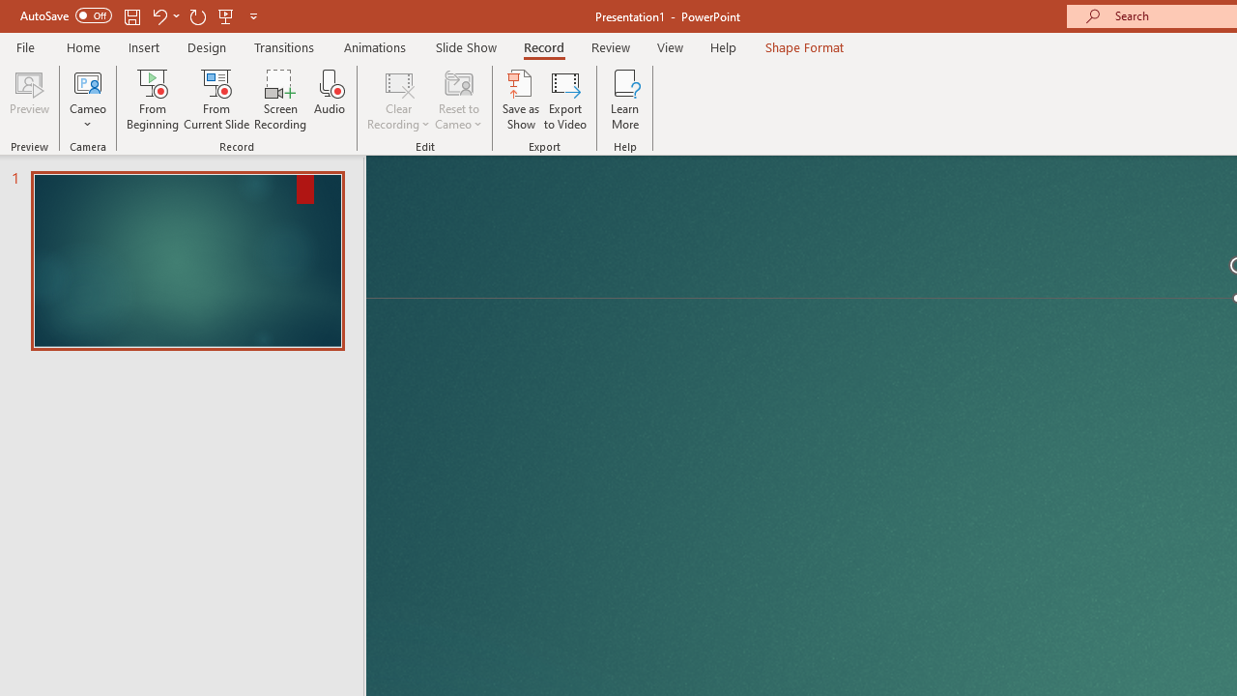  What do you see at coordinates (625, 100) in the screenshot?
I see `'Learn More'` at bounding box center [625, 100].